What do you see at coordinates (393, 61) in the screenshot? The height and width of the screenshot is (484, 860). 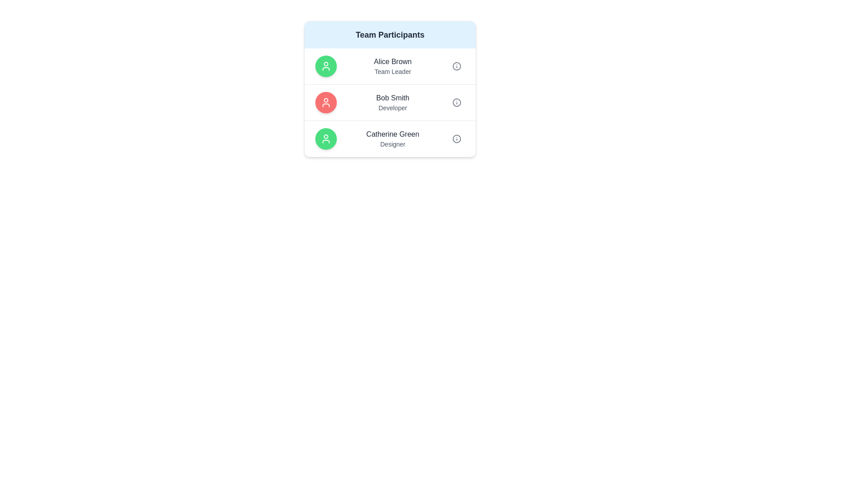 I see `the text label displaying the name 'Alice Brown' in the 'Team Participants' section, which identifies the first participant in the list` at bounding box center [393, 61].